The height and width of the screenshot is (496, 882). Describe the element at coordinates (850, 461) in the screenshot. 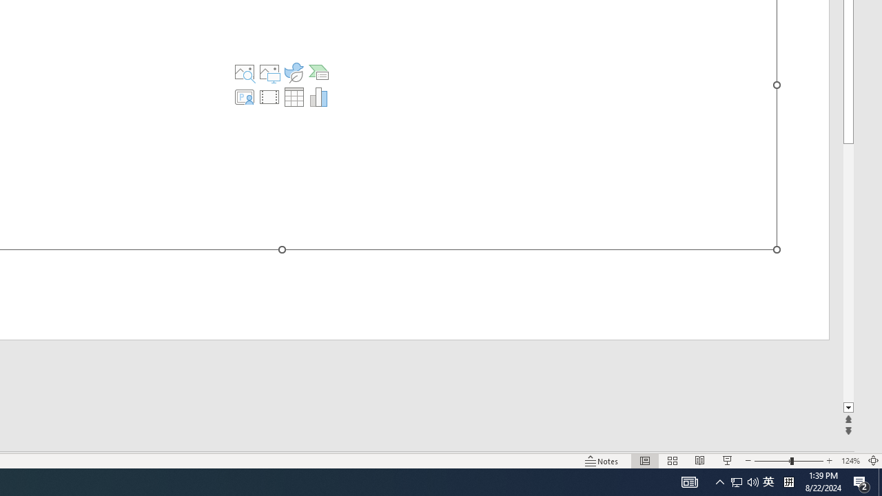

I see `'Zoom 124%'` at that location.